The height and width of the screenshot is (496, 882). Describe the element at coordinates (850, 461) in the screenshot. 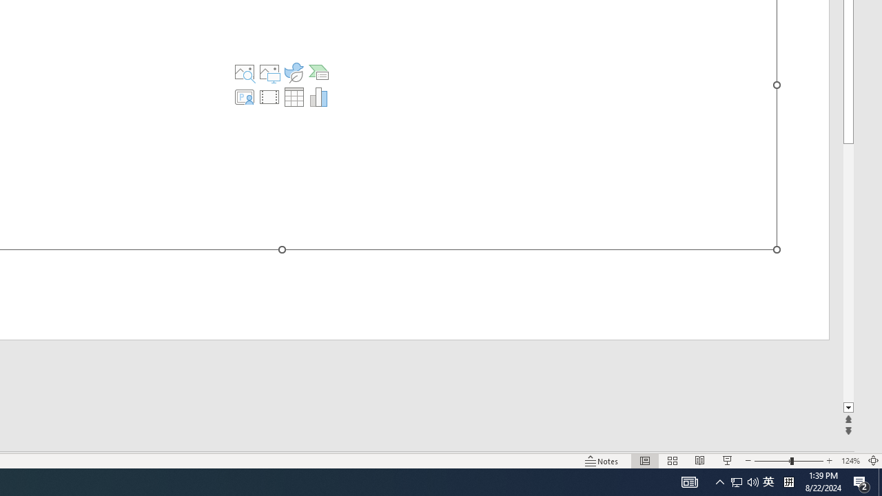

I see `'Zoom 124%'` at that location.